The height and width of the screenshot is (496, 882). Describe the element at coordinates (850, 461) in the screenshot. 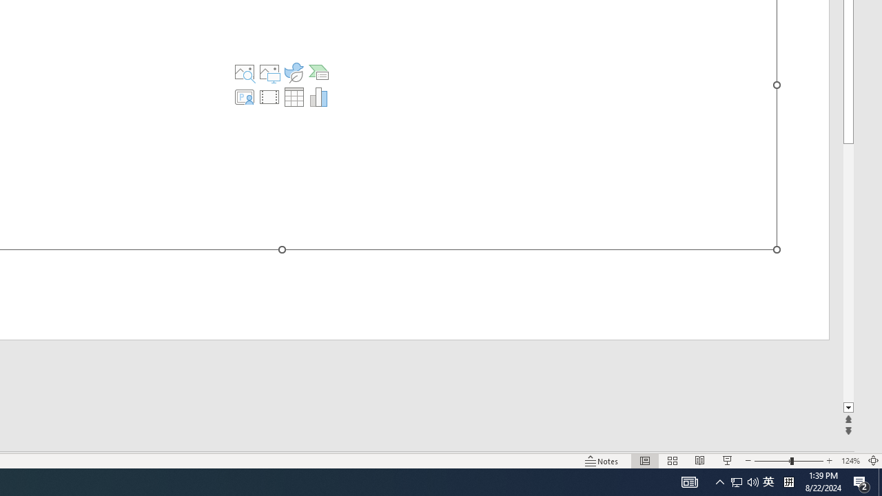

I see `'Zoom 124%'` at that location.